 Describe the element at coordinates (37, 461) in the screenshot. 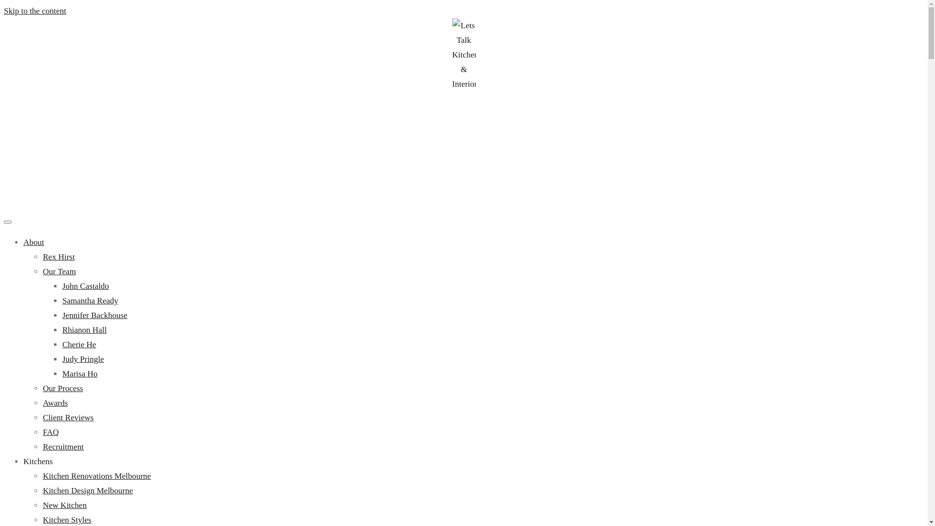

I see `'Kitchens'` at that location.